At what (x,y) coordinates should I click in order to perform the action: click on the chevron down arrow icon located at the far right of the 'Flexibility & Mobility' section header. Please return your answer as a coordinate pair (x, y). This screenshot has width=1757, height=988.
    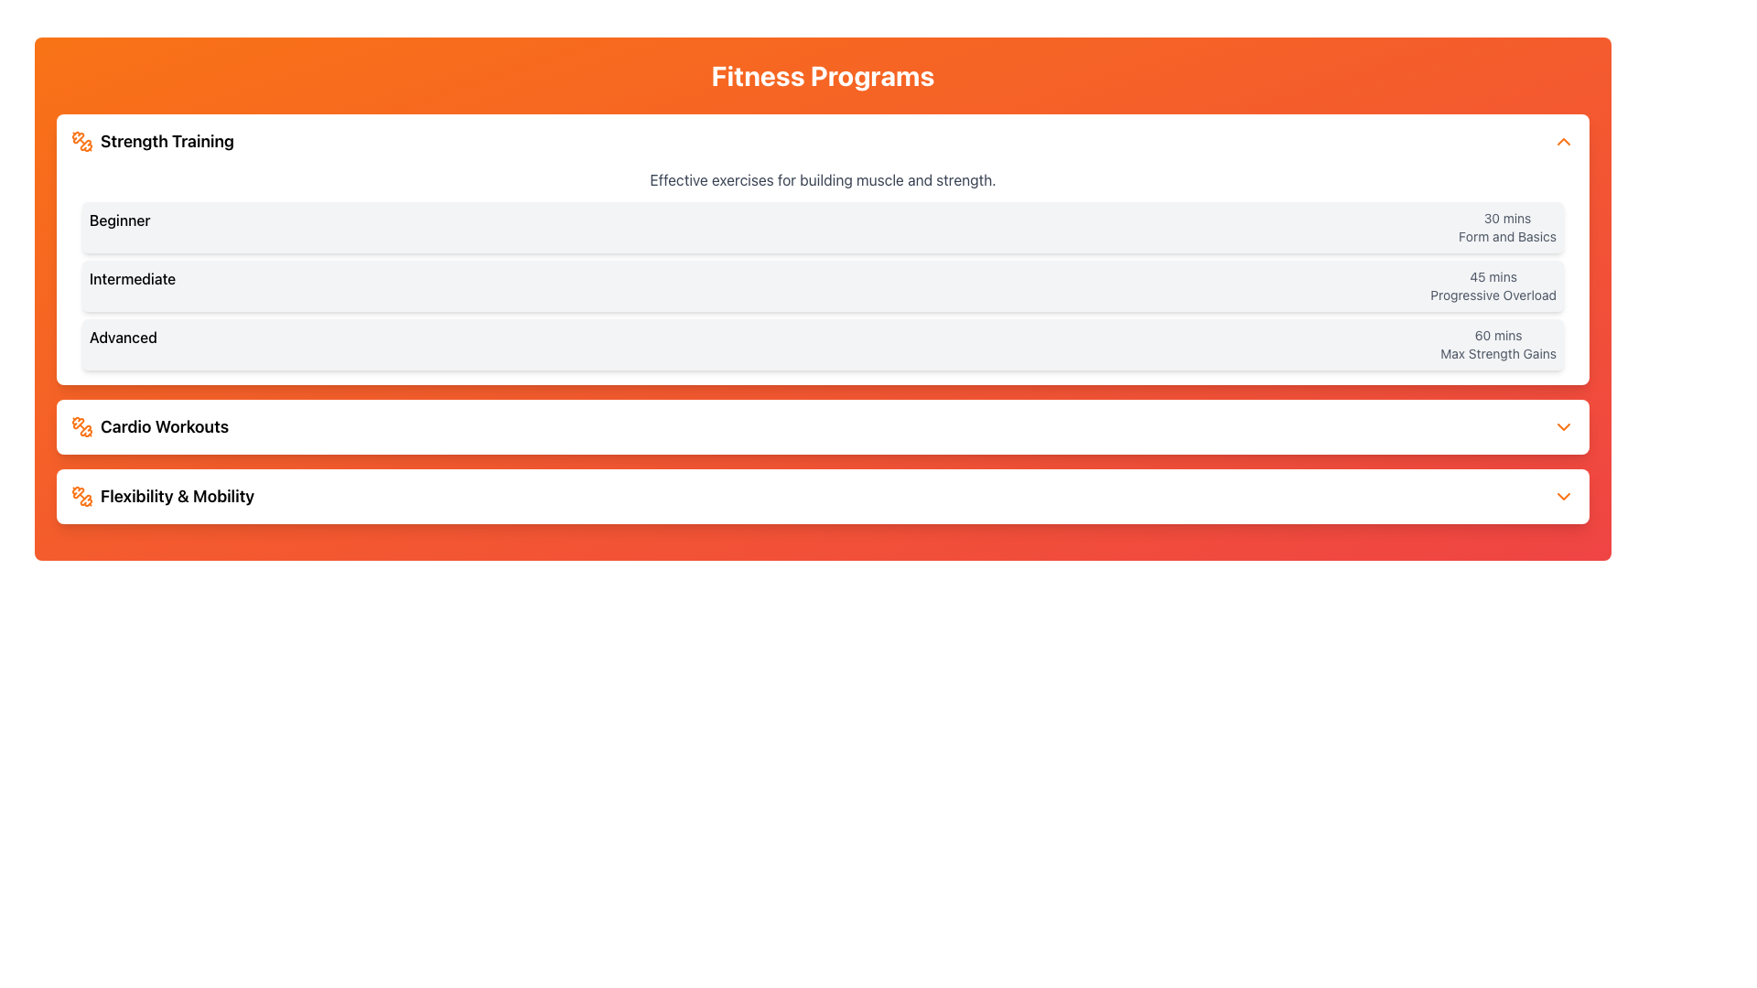
    Looking at the image, I should click on (1562, 497).